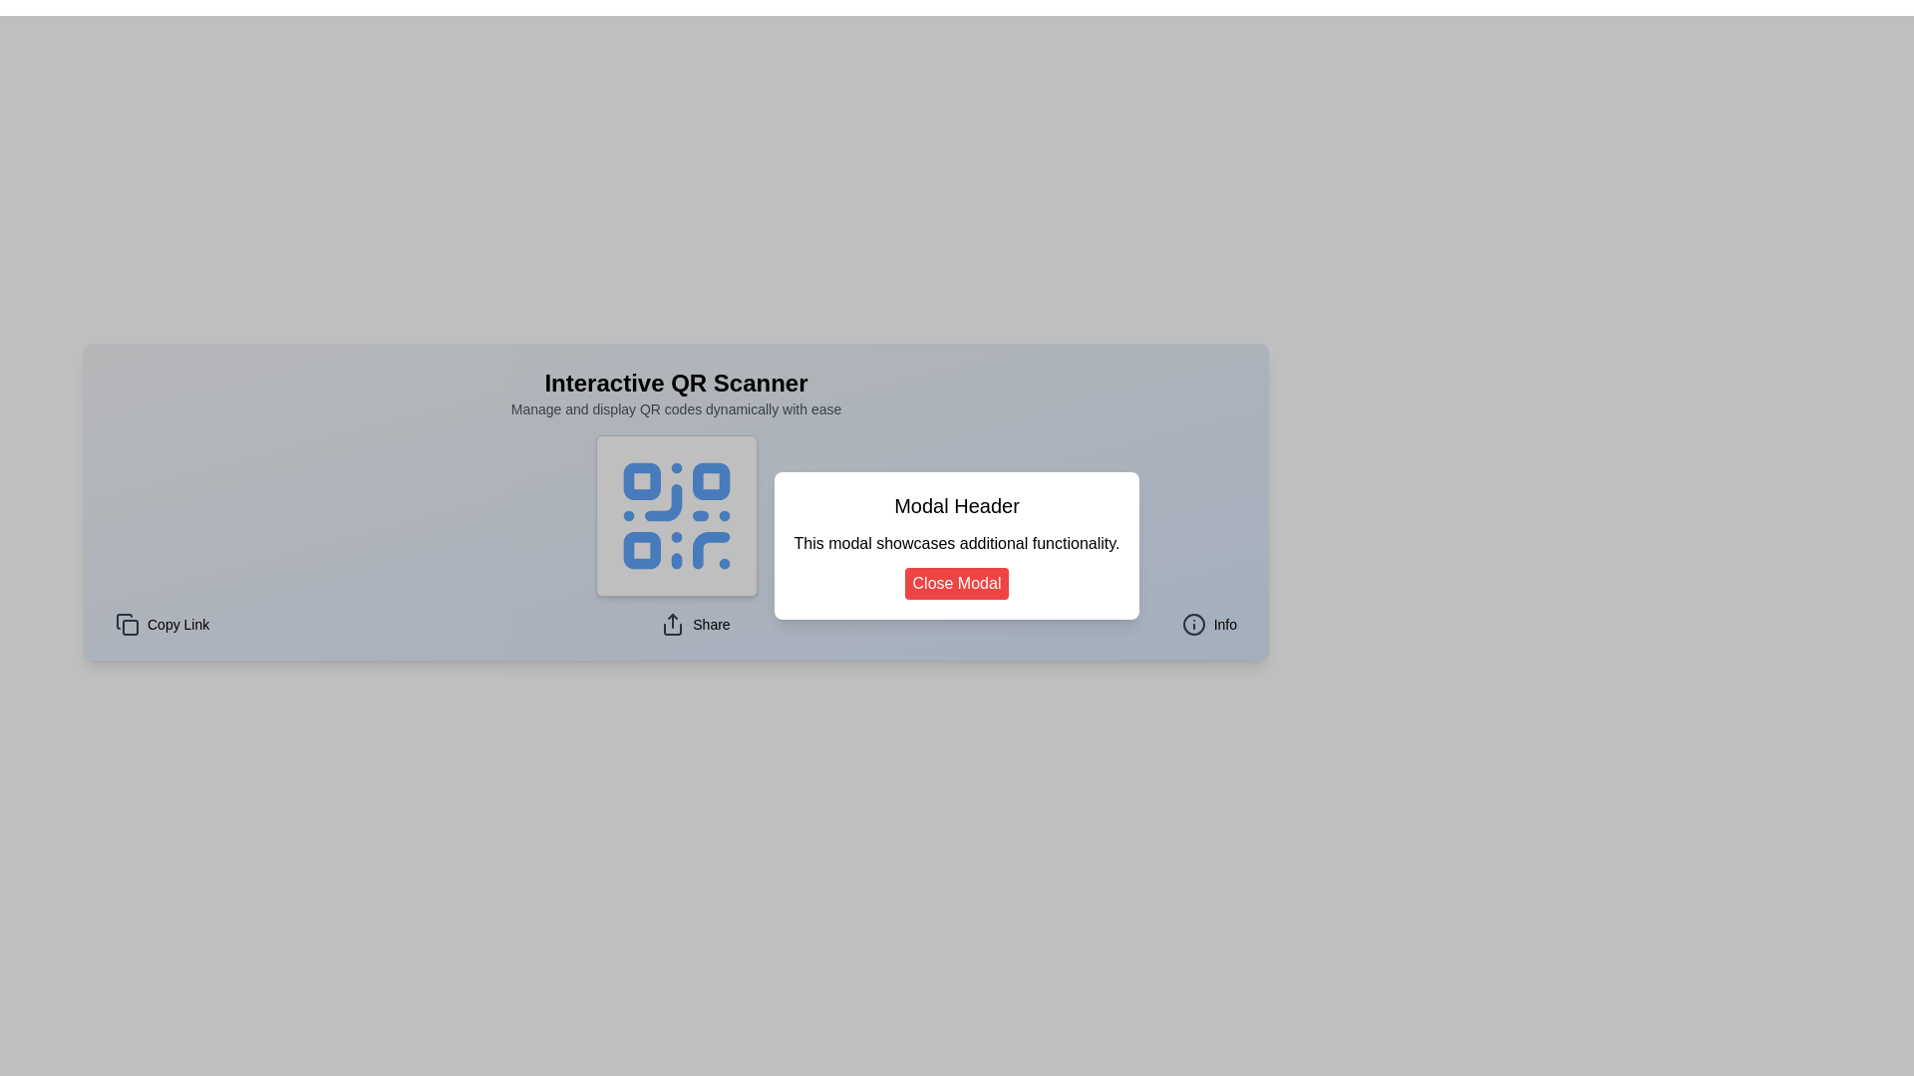 This screenshot has height=1076, width=1914. Describe the element at coordinates (1193, 624) in the screenshot. I see `the small circular icon resembling an 'info' symbol, located next to the 'Info' text in the lower-right corner of the main modal` at that location.